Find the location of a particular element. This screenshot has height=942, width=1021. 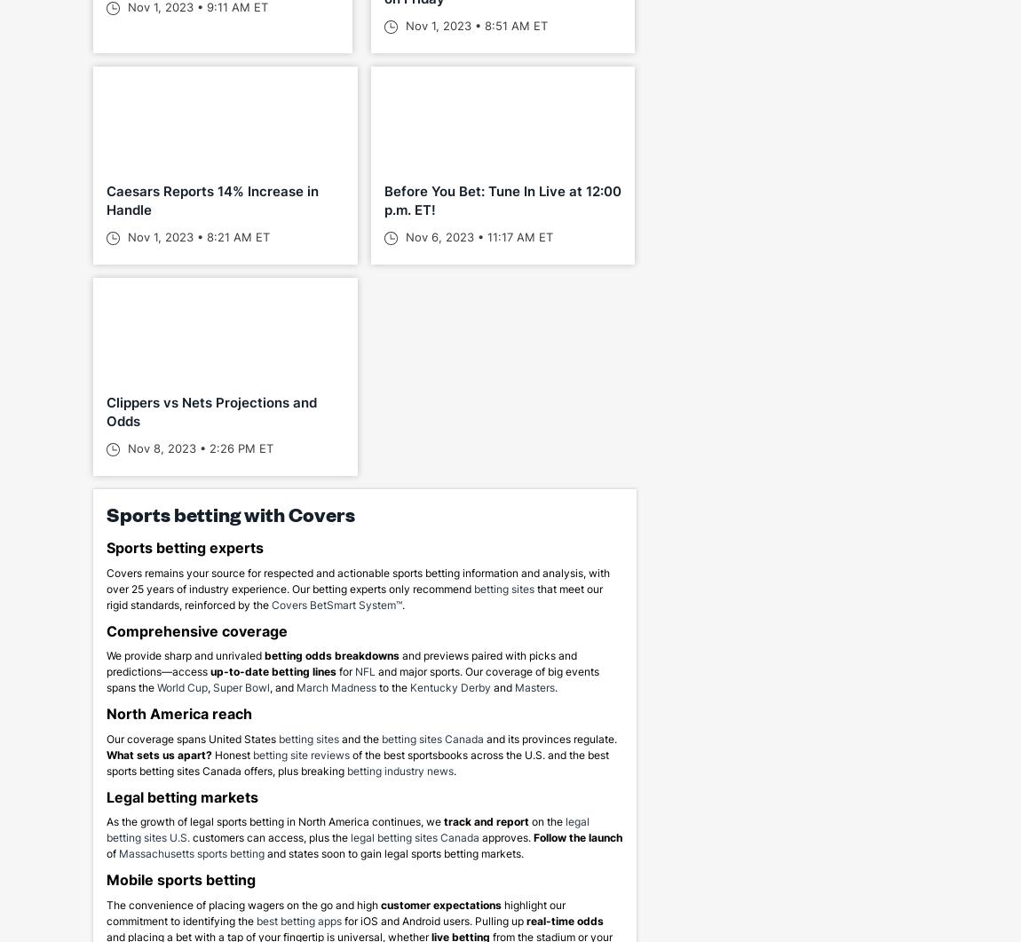

'North America reach' is located at coordinates (178, 714).